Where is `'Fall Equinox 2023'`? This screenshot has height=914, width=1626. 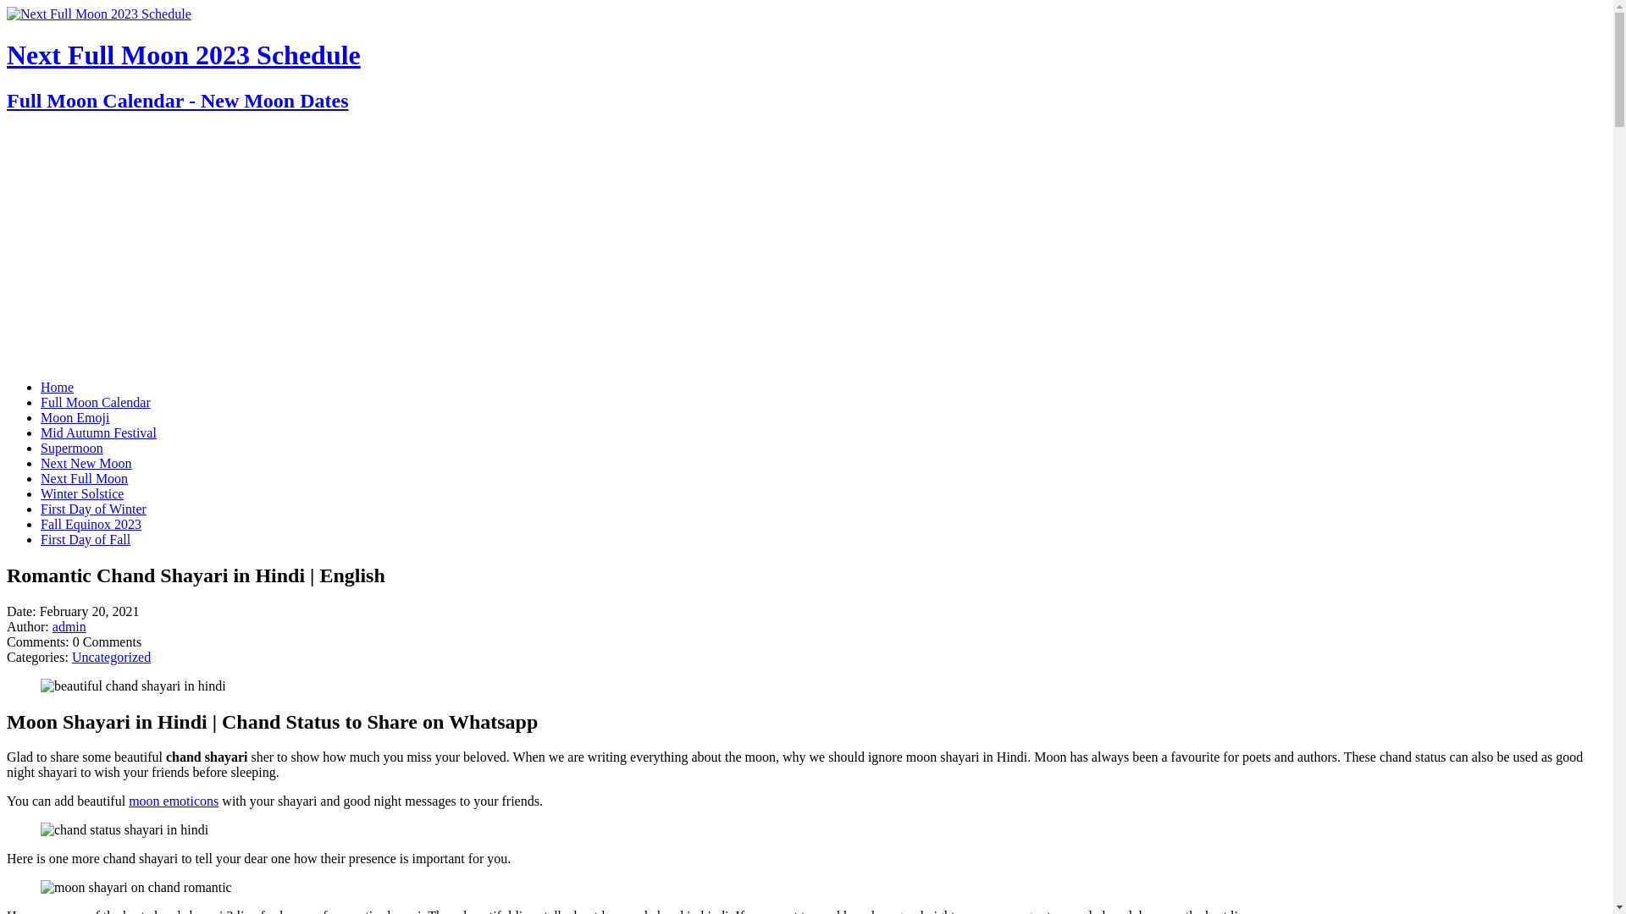 'Fall Equinox 2023' is located at coordinates (90, 523).